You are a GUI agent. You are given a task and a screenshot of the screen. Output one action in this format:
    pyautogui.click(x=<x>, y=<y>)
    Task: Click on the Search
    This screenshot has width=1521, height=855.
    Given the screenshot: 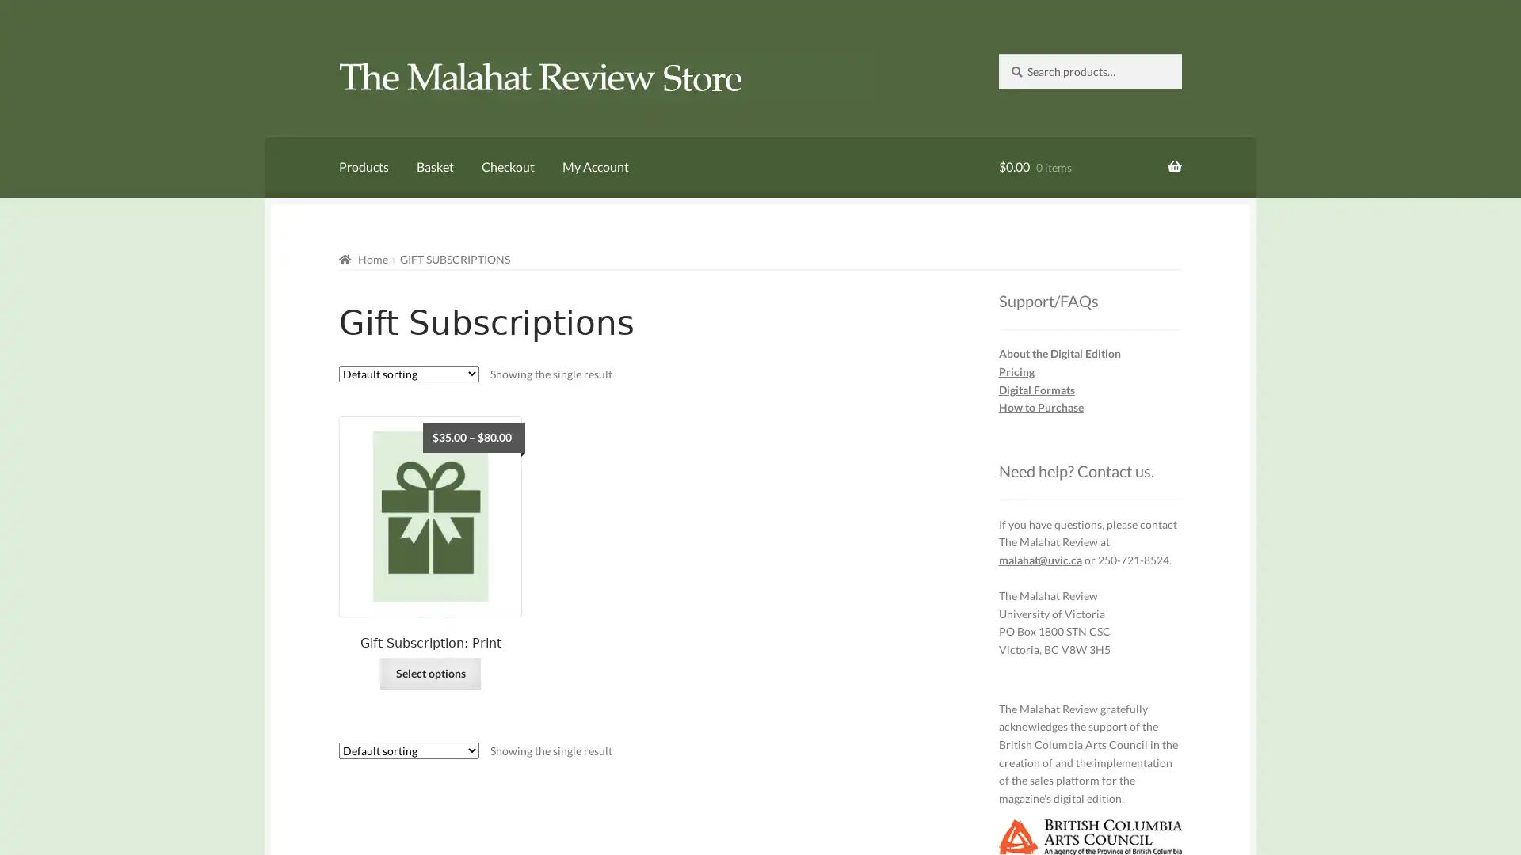 What is the action you would take?
    pyautogui.click(x=997, y=51)
    